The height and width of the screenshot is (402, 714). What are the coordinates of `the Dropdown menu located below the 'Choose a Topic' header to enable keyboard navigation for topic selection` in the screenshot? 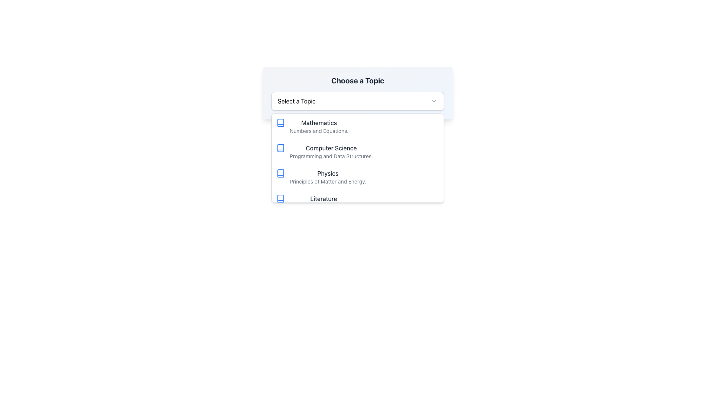 It's located at (357, 101).